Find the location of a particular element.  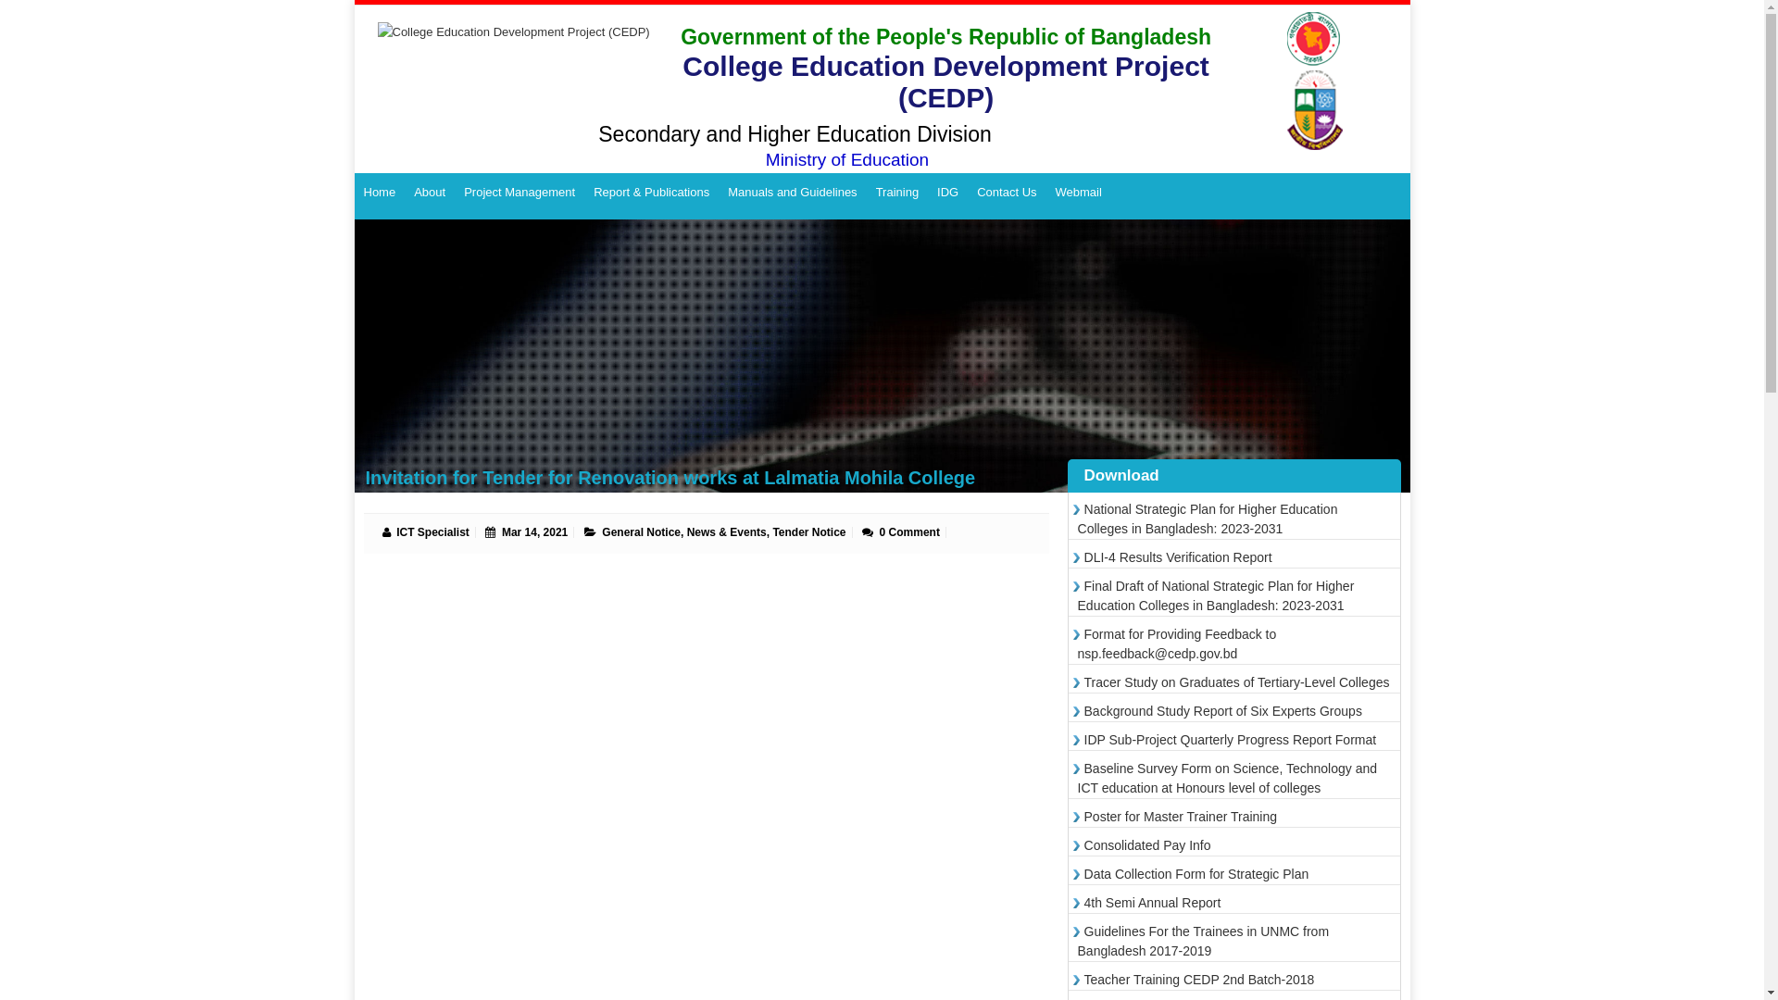

'Webmail' is located at coordinates (1079, 193).